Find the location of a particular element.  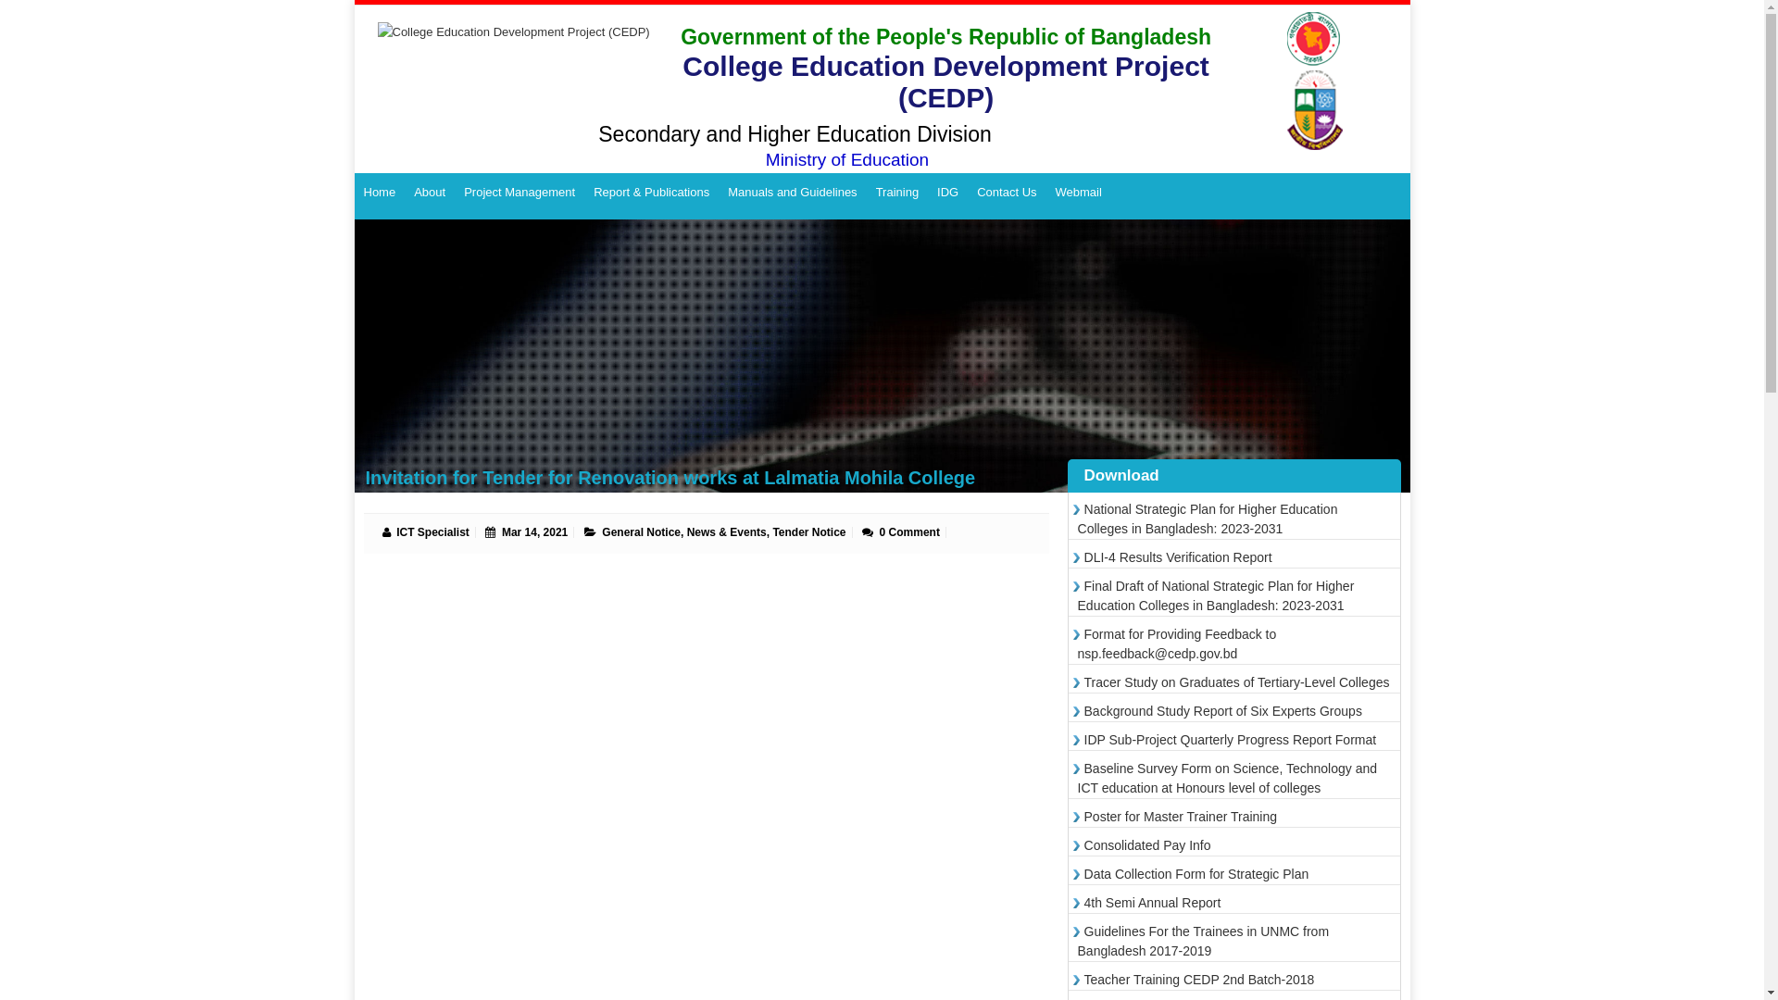

'Webmail' is located at coordinates (1079, 193).